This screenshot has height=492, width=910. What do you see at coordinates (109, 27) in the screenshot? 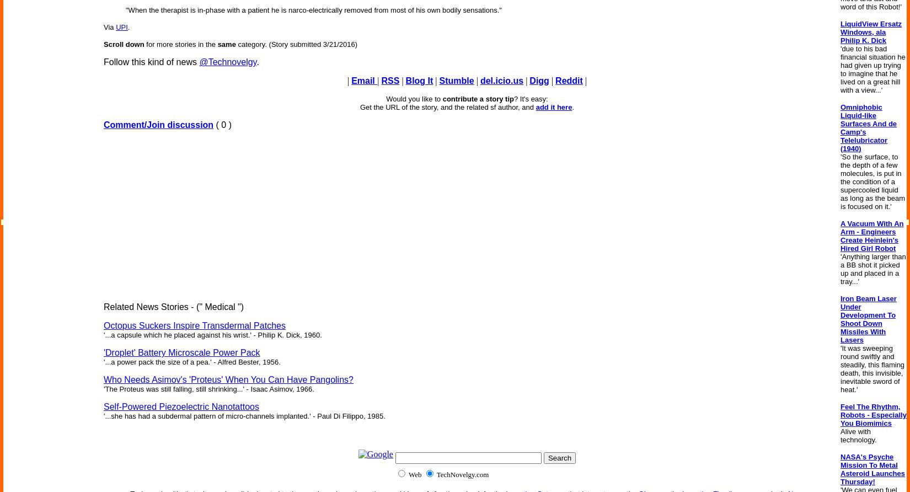
I see `'Via'` at bounding box center [109, 27].